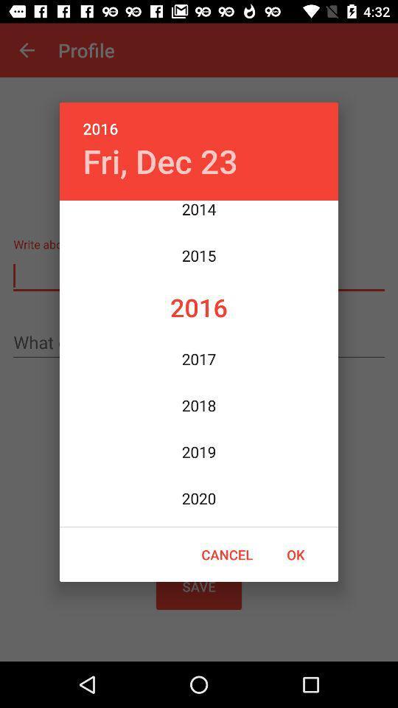  What do you see at coordinates (296, 554) in the screenshot?
I see `the ok icon` at bounding box center [296, 554].